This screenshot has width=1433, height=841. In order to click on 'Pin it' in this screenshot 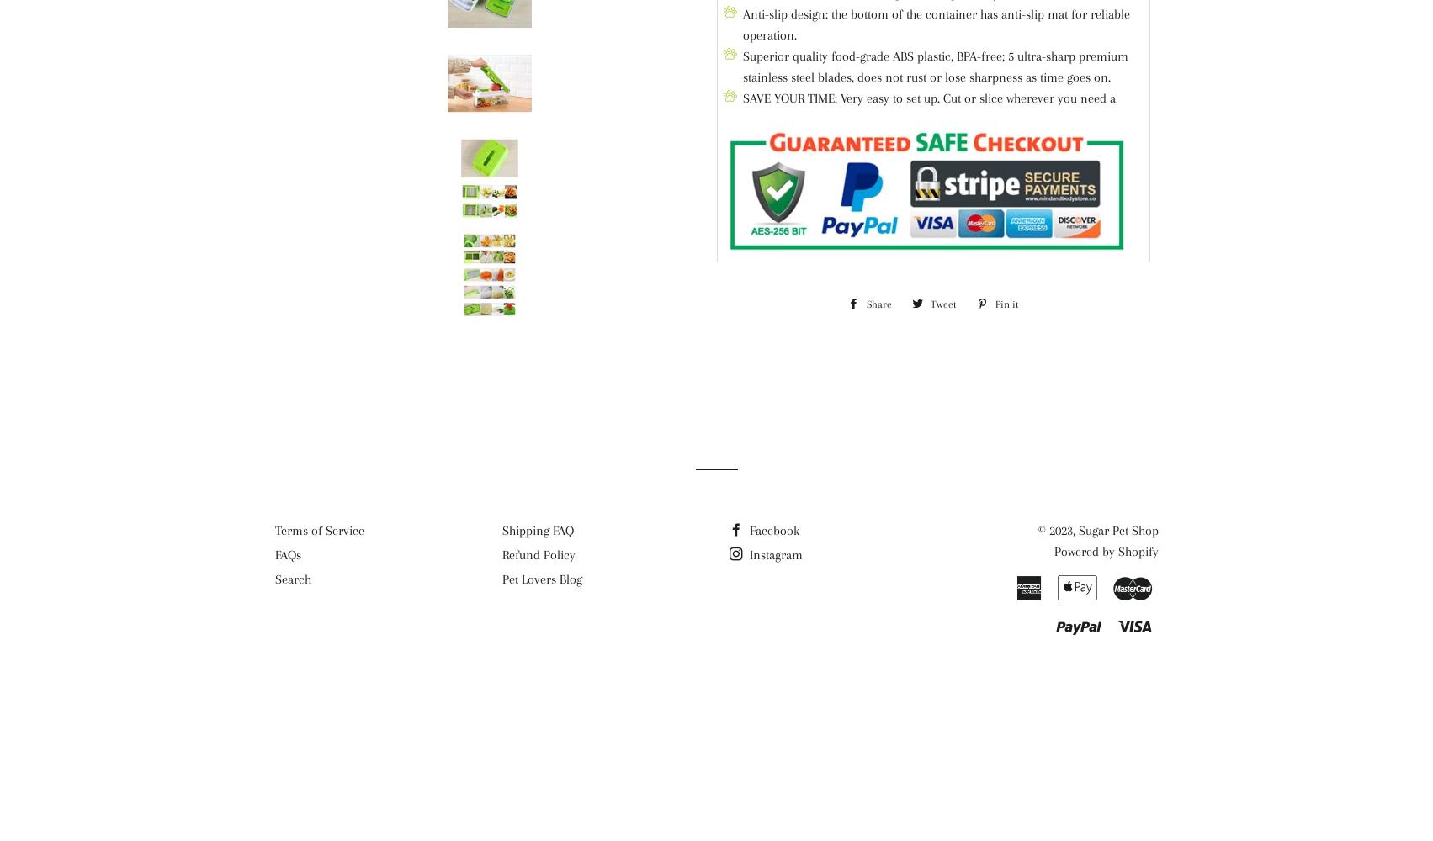, I will do `click(1006, 304)`.